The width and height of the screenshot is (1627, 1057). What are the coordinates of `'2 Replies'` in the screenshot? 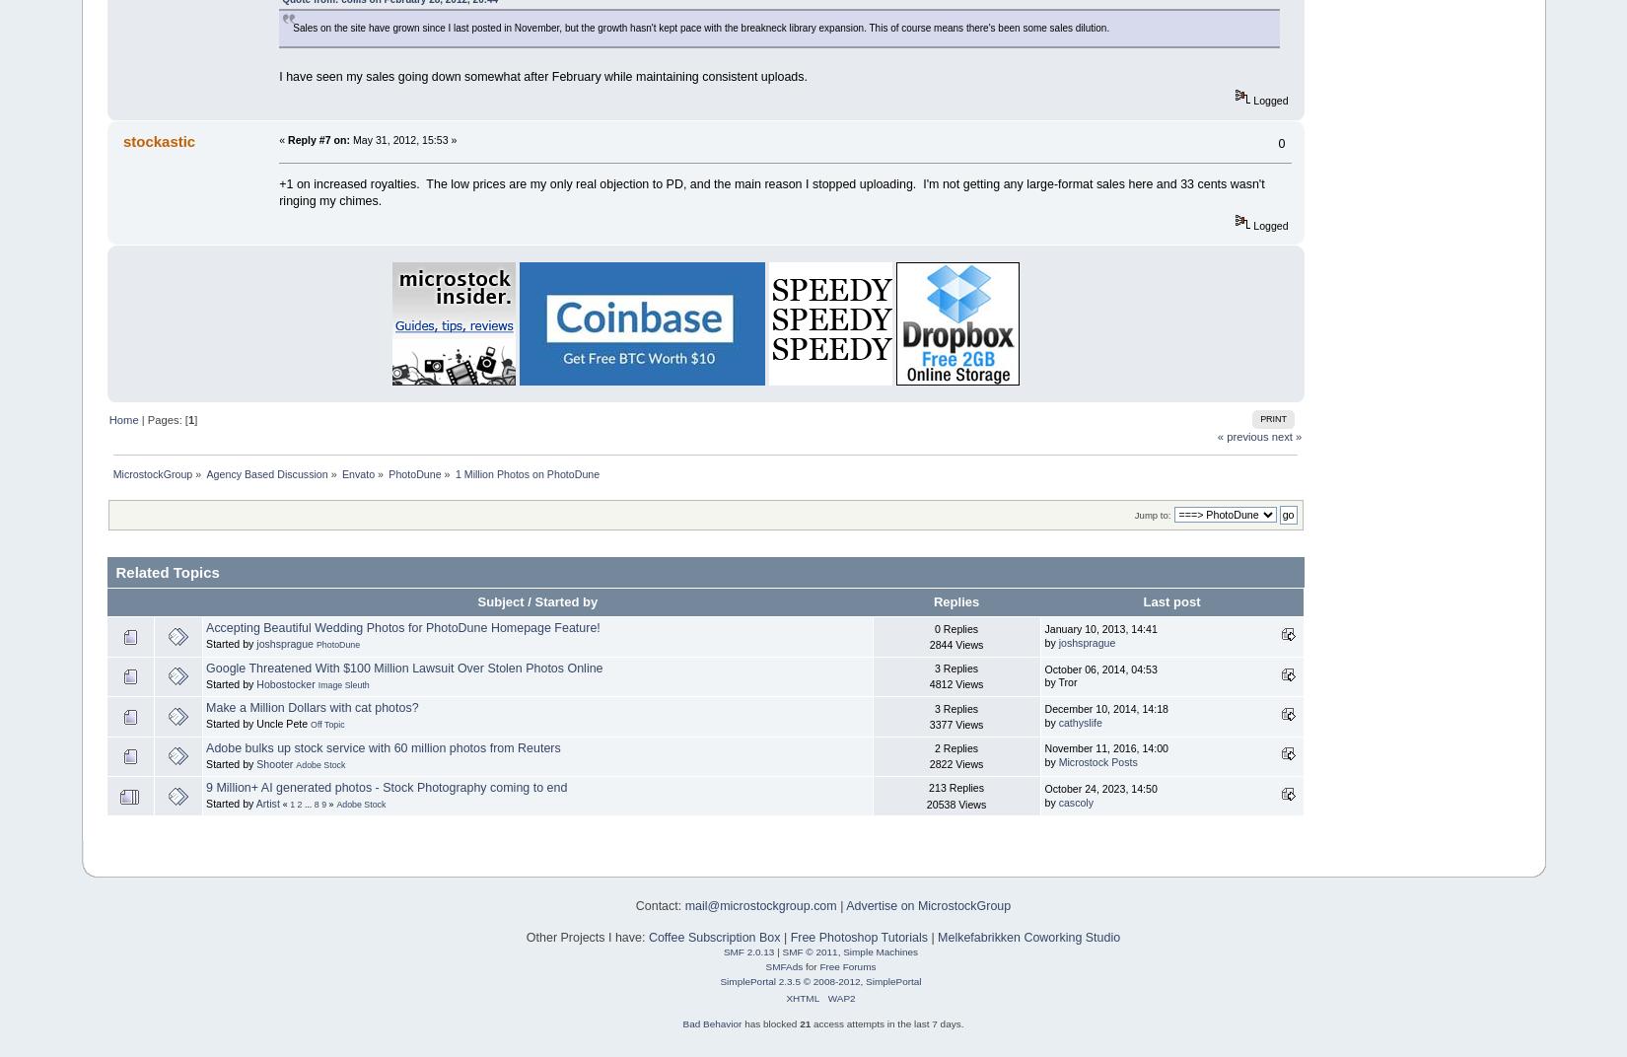 It's located at (956, 747).